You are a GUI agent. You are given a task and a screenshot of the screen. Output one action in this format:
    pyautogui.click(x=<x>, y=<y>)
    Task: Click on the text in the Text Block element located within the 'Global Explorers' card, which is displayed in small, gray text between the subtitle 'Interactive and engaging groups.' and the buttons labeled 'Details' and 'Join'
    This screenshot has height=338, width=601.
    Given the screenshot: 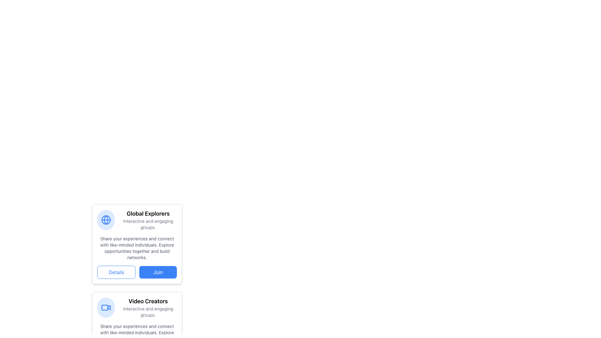 What is the action you would take?
    pyautogui.click(x=136, y=248)
    